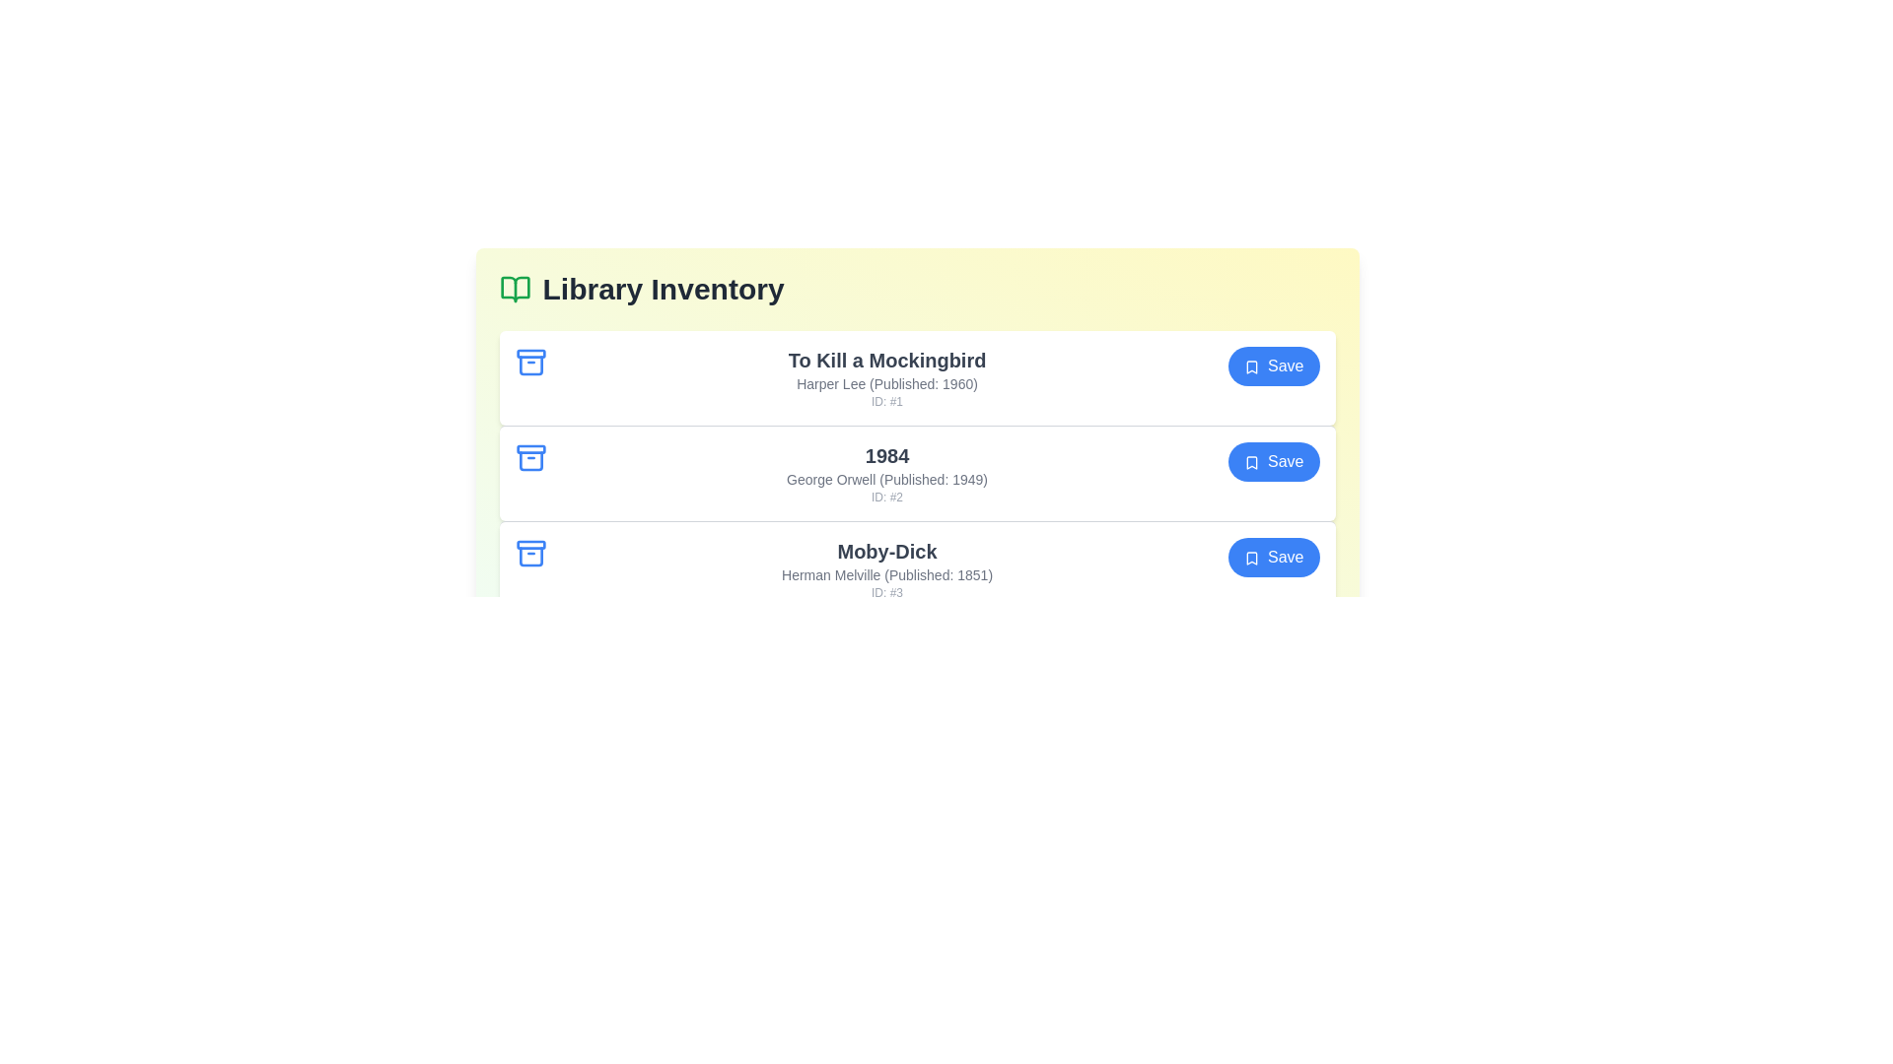 This screenshot has width=1893, height=1064. What do you see at coordinates (886, 361) in the screenshot?
I see `the title of the book 'To Kill a Mockingbird'` at bounding box center [886, 361].